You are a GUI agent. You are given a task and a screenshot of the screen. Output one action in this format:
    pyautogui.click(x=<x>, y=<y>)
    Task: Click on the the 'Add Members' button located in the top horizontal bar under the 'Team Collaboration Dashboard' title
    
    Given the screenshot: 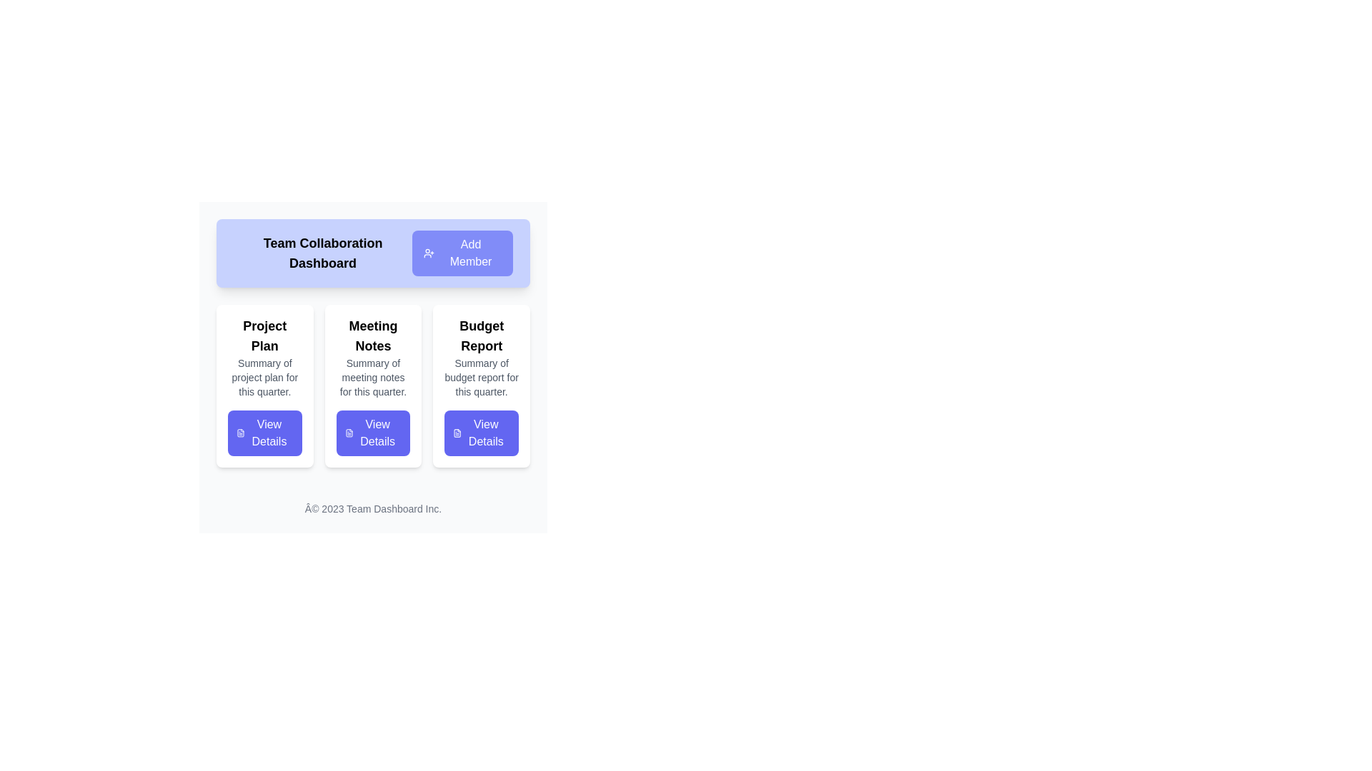 What is the action you would take?
    pyautogui.click(x=462, y=252)
    